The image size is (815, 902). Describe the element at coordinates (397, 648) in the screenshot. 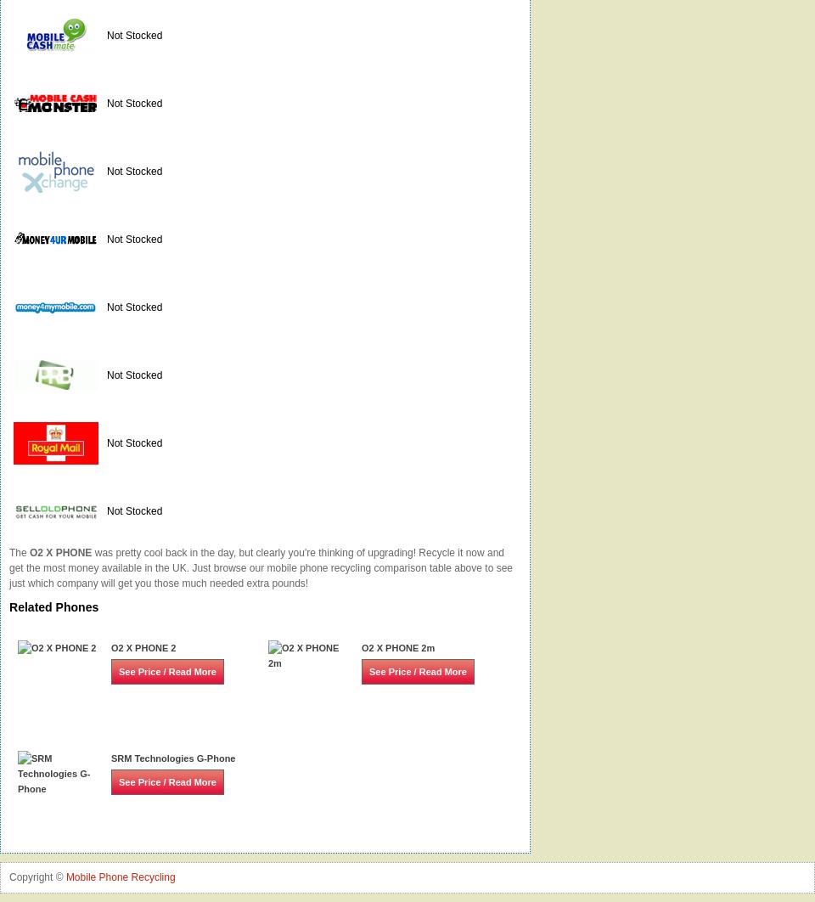

I see `'O2 X PHONE 2m'` at that location.